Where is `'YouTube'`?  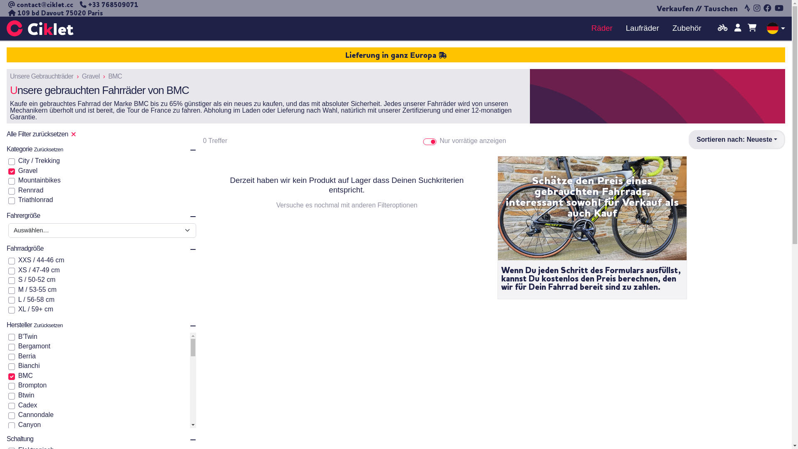 'YouTube' is located at coordinates (778, 9).